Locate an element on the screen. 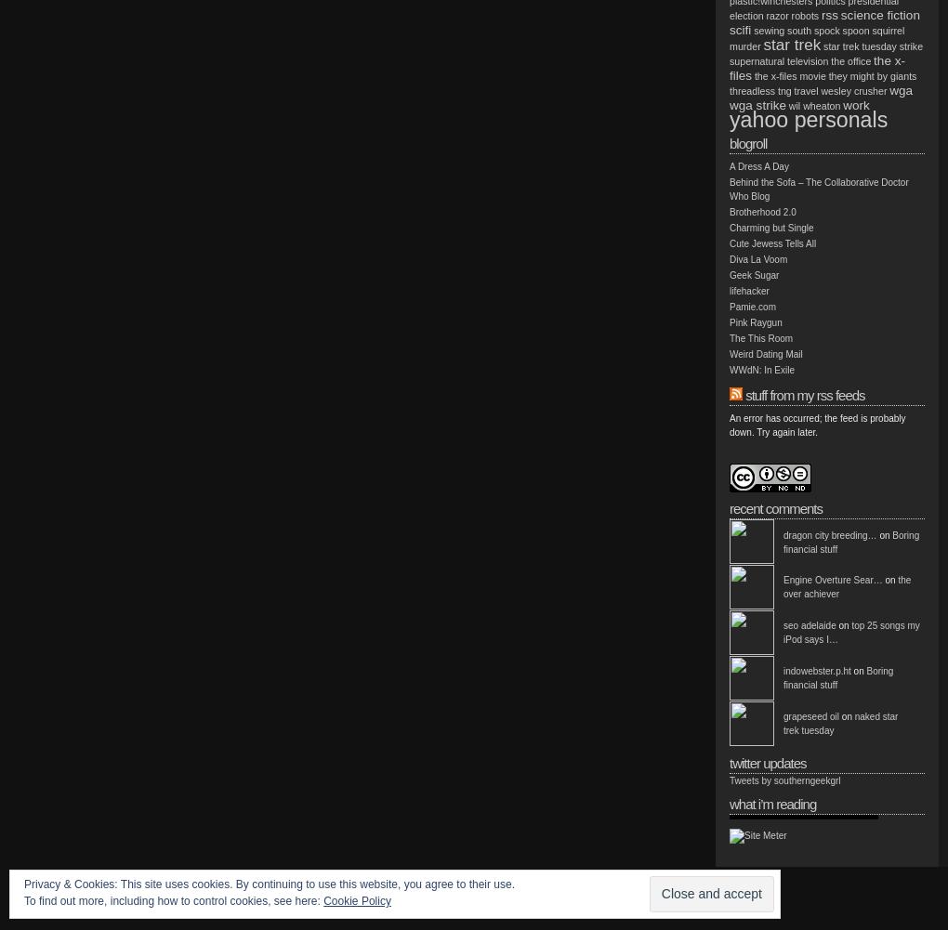 The width and height of the screenshot is (948, 930). 'work' is located at coordinates (855, 104).